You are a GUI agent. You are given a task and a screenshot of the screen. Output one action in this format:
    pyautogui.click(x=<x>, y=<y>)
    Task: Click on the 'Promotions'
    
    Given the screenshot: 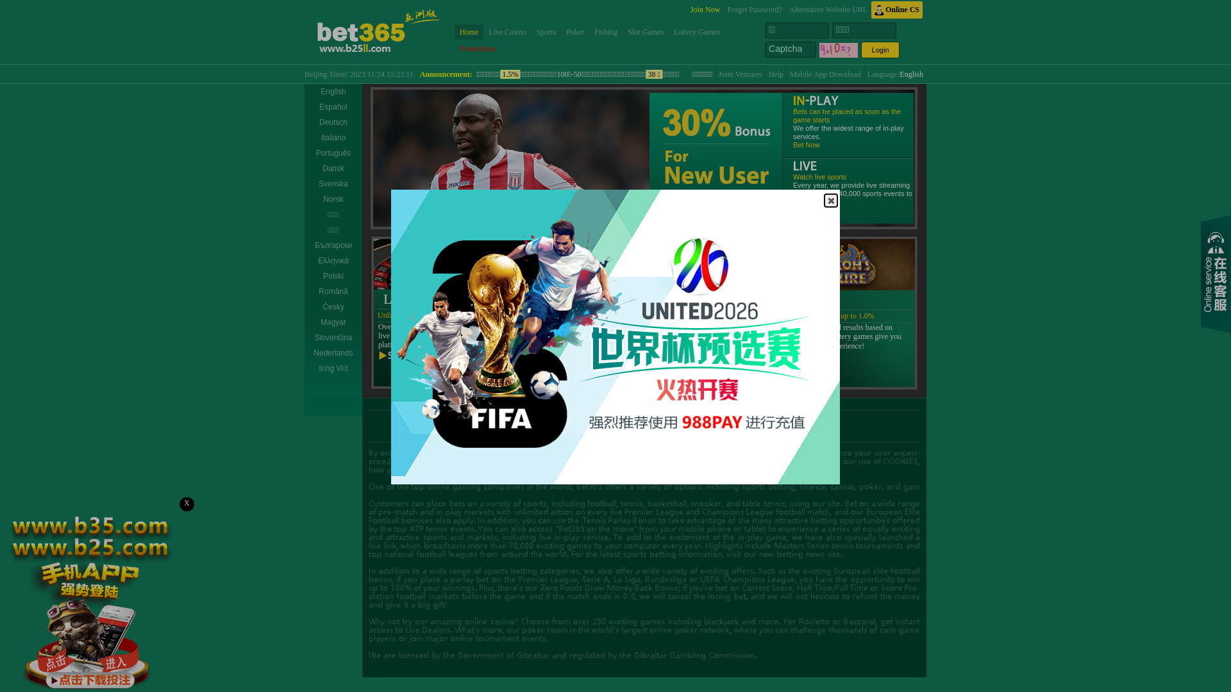 What is the action you would take?
    pyautogui.click(x=455, y=48)
    